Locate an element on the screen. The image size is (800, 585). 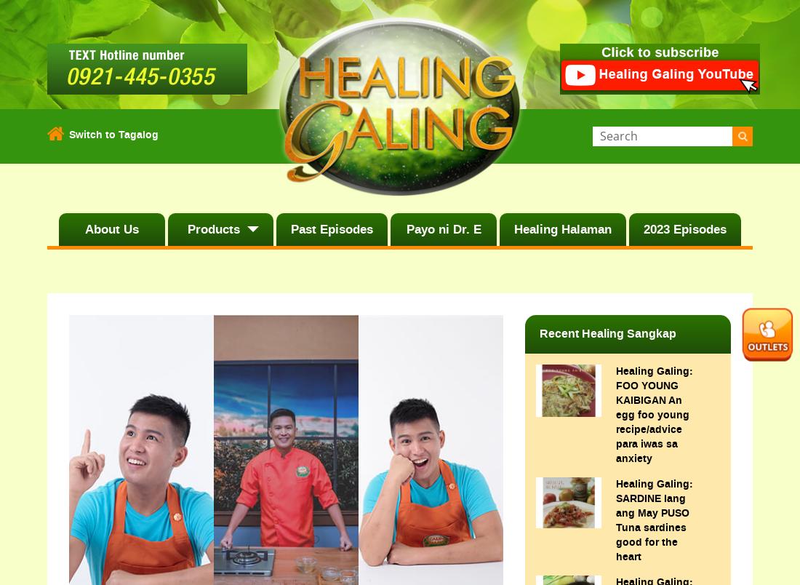
'Healing Galing: SARDINE lang ang May PUSO Tuna sardines good for the heart' is located at coordinates (654, 520).